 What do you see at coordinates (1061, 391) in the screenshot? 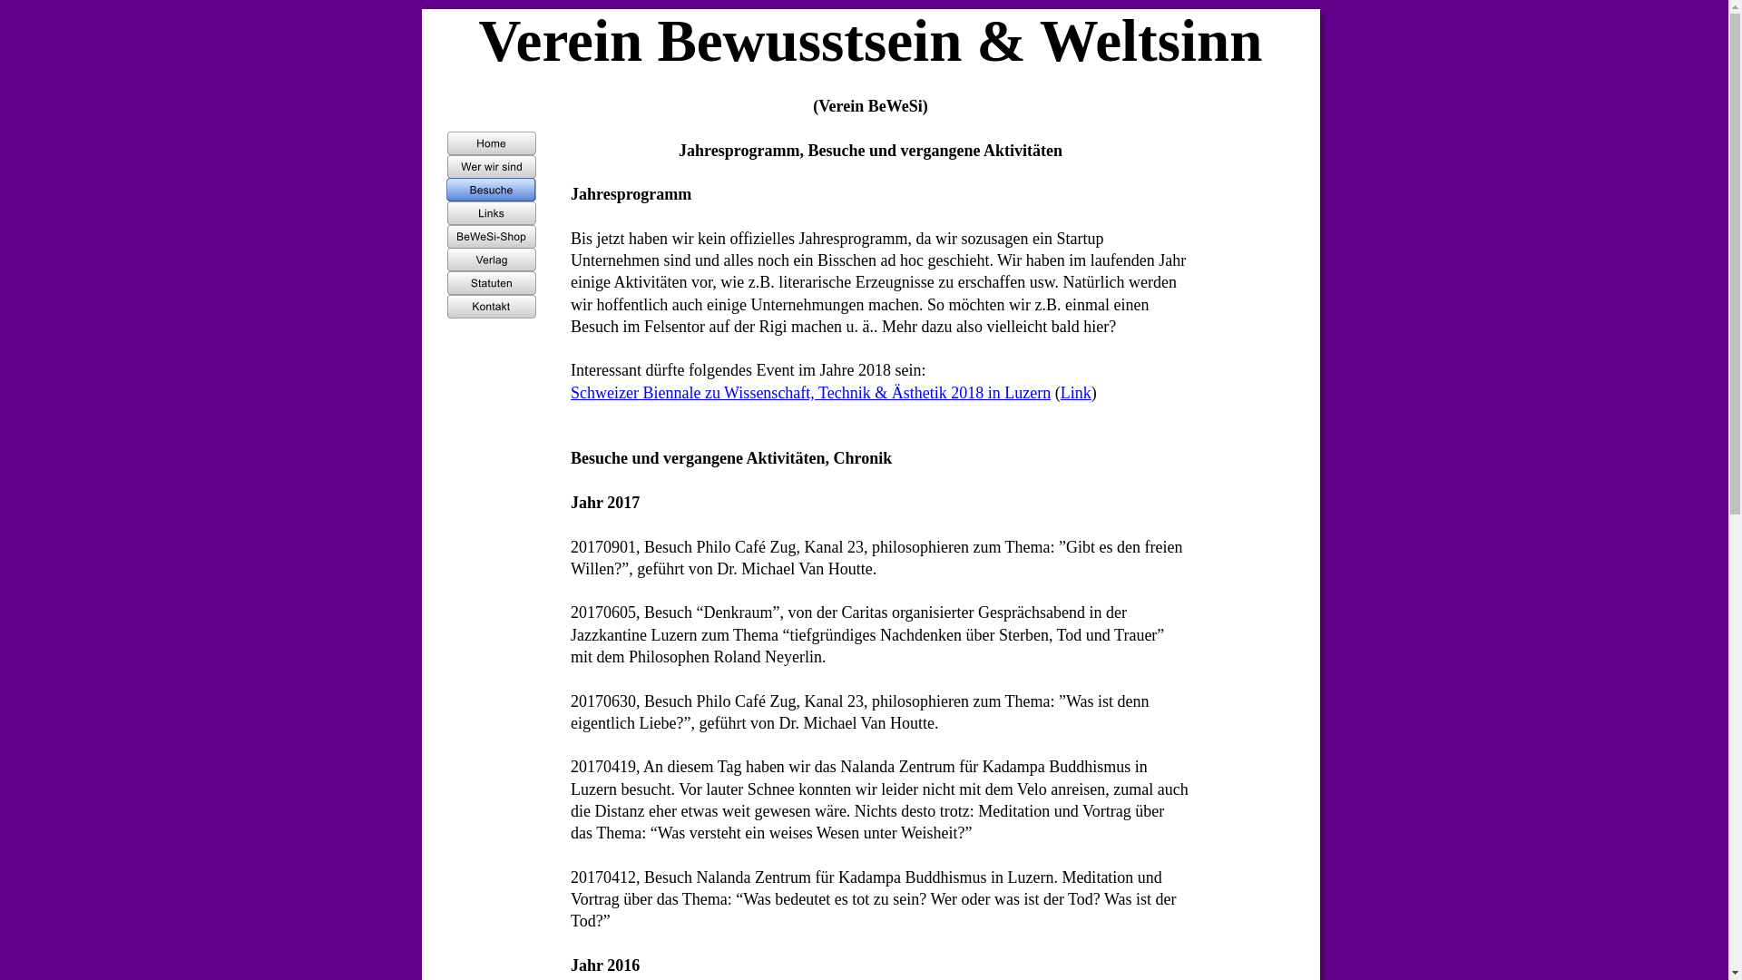
I see `'Link'` at bounding box center [1061, 391].